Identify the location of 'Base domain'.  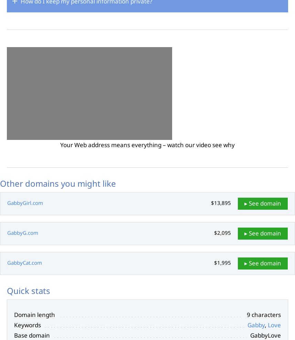
(32, 335).